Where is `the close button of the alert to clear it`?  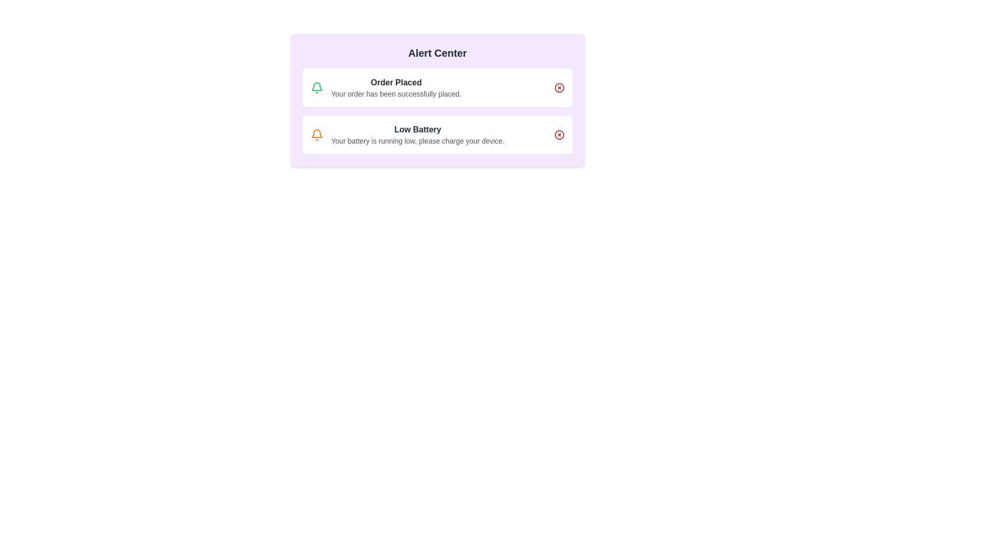 the close button of the alert to clear it is located at coordinates (559, 87).